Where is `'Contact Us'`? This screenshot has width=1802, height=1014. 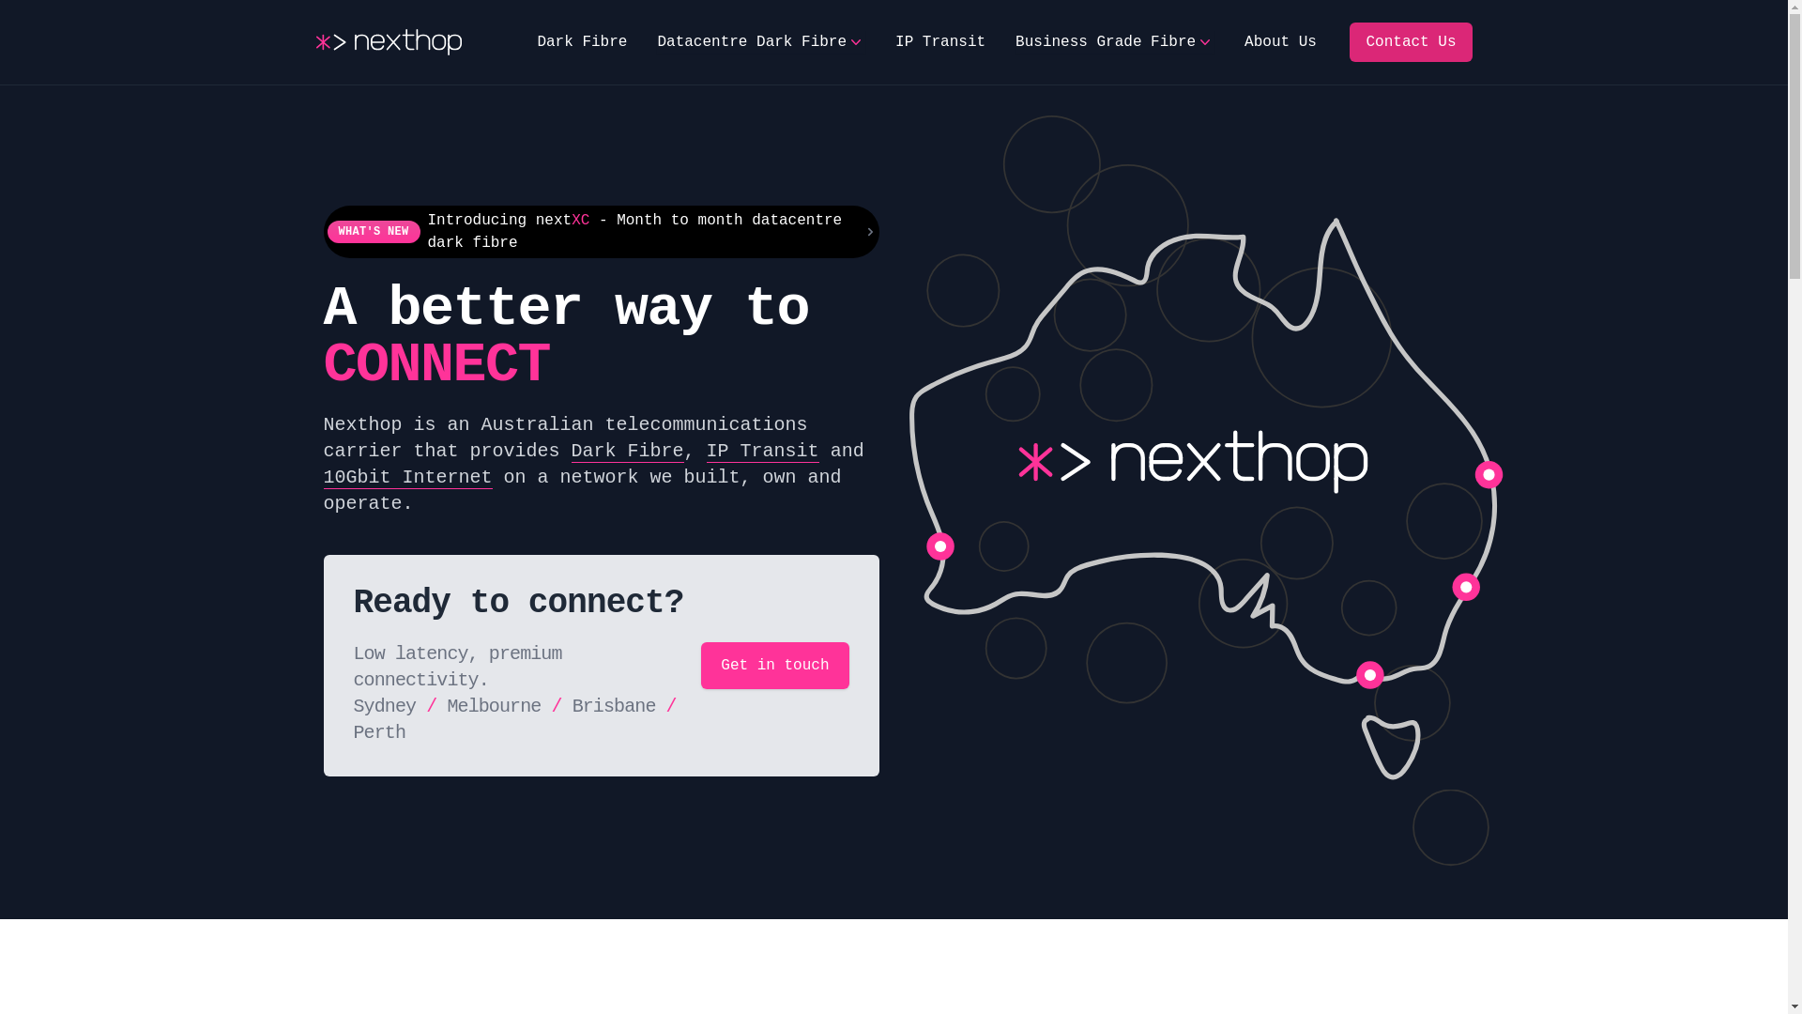 'Contact Us' is located at coordinates (1410, 42).